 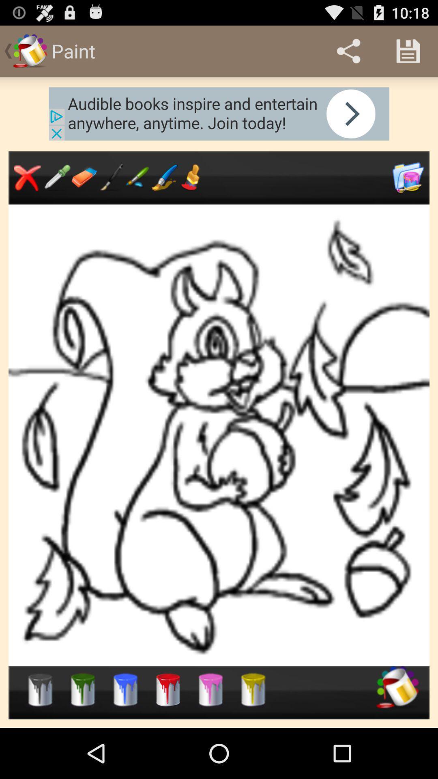 I want to click on the close icon, so click(x=137, y=189).